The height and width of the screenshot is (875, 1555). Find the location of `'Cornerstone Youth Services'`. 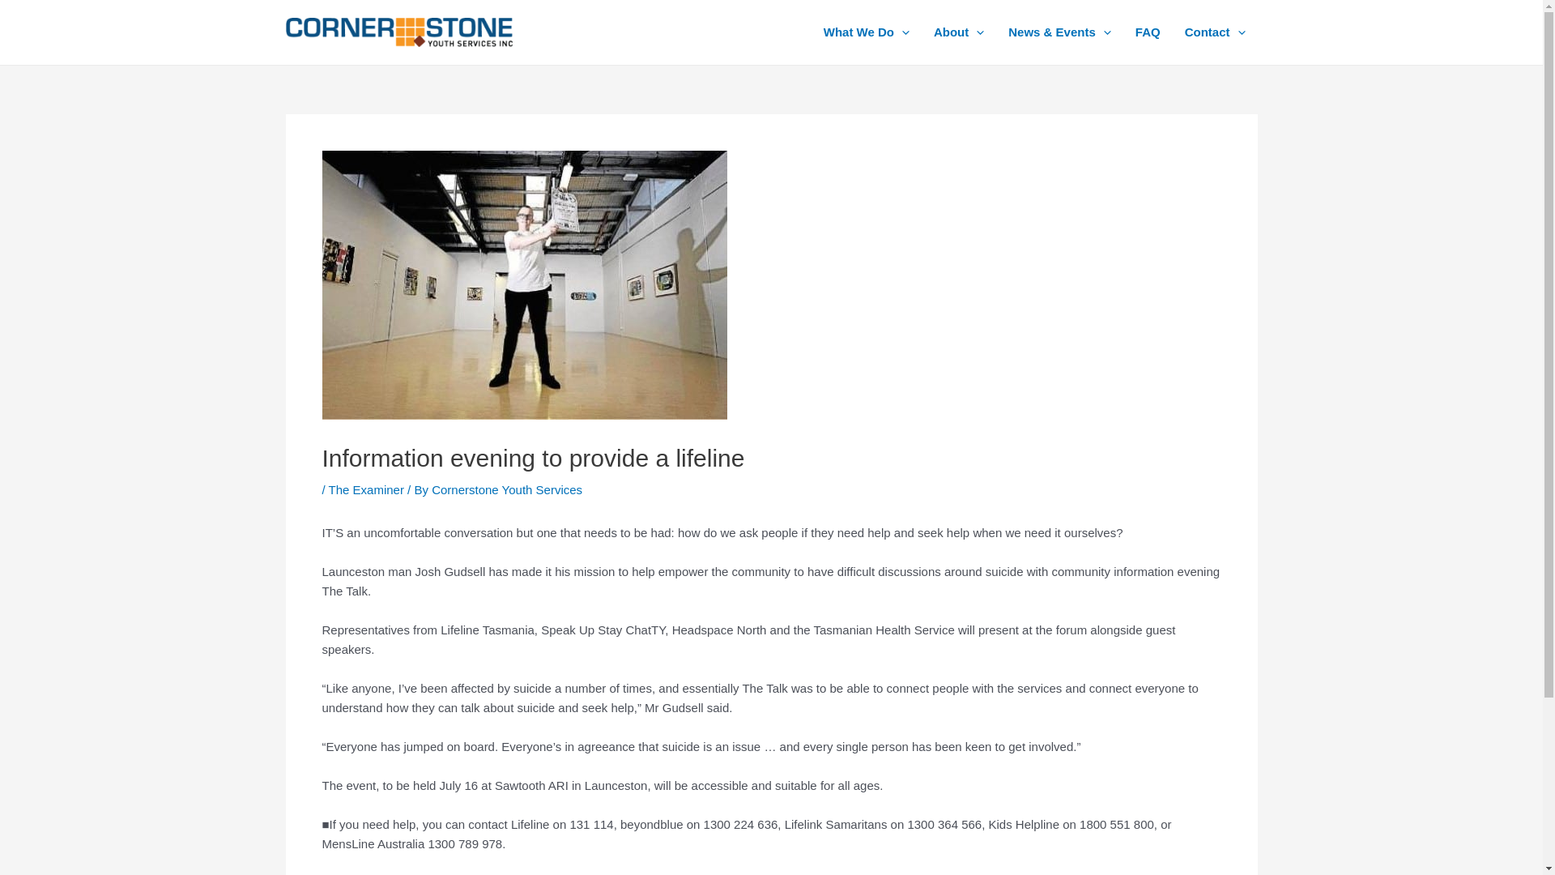

'Cornerstone Youth Services' is located at coordinates (431, 489).